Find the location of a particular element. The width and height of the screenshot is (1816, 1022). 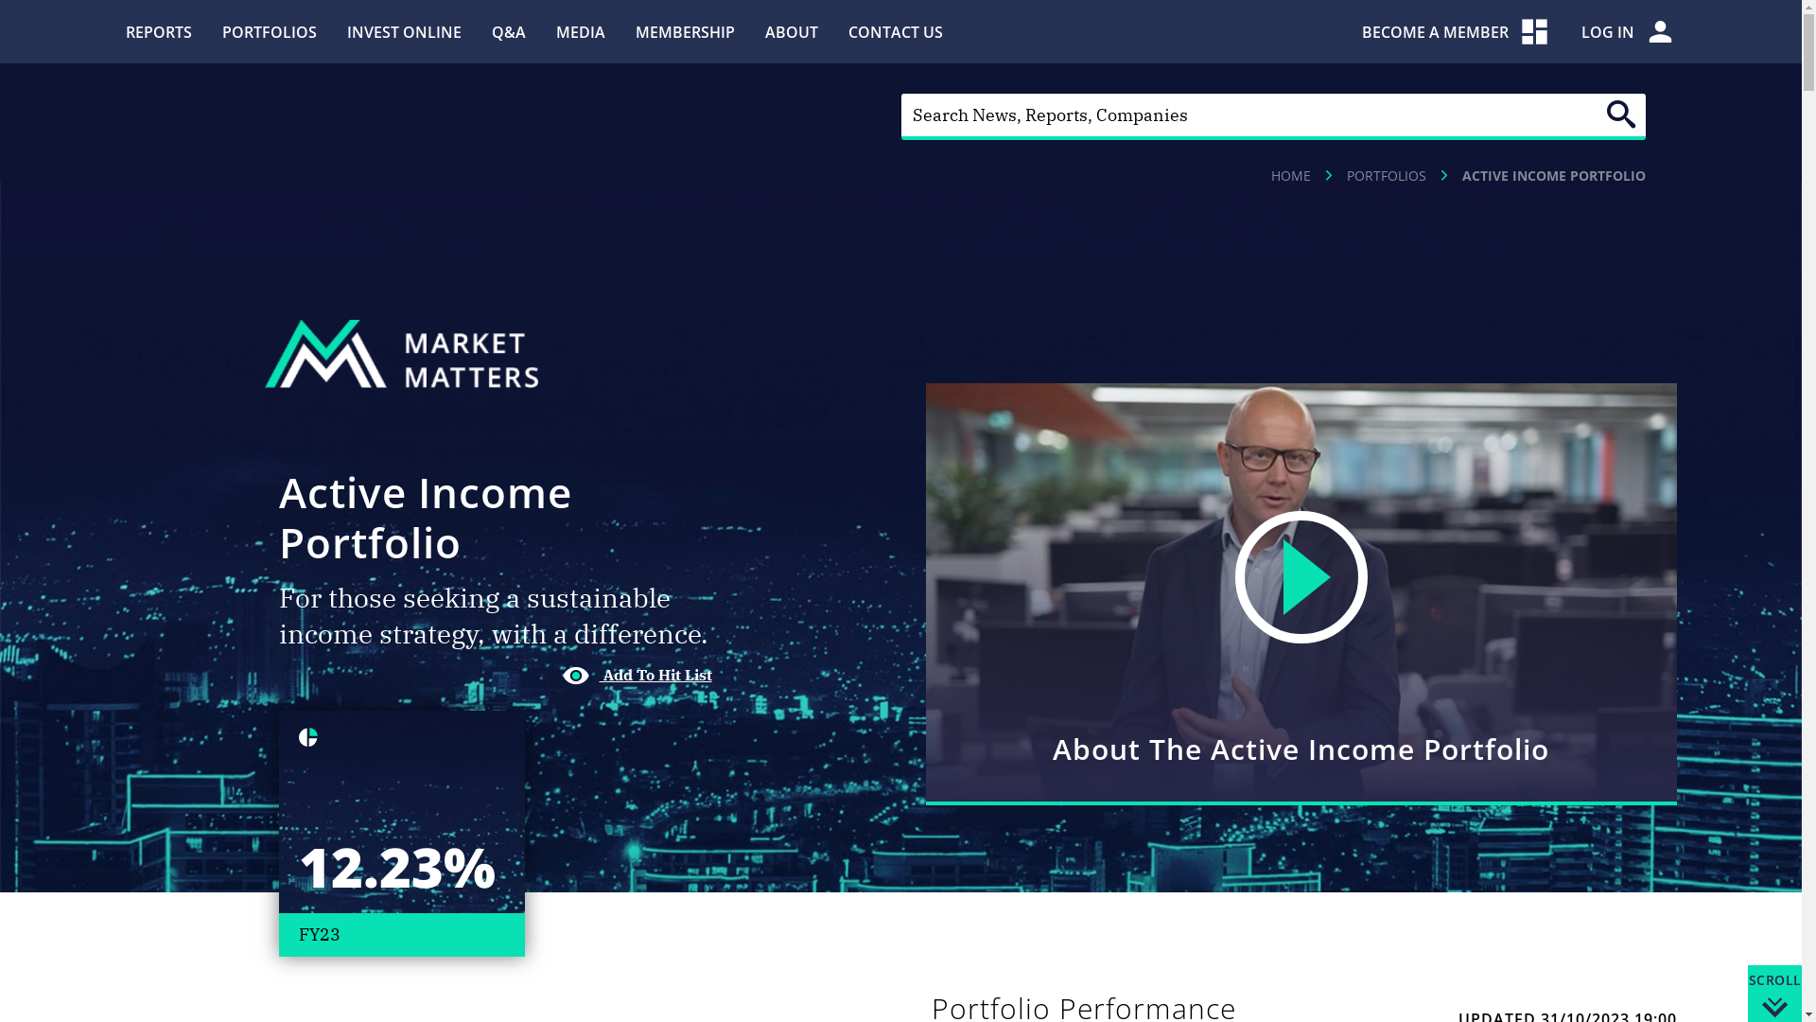

'Add To Hit List' is located at coordinates (561, 674).